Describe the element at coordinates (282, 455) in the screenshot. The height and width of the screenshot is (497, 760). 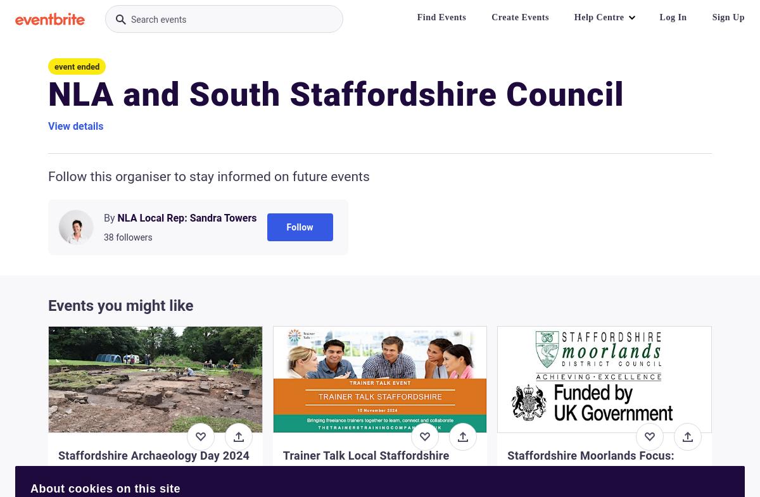
I see `'Trainer Talk Local Staffordshire'` at that location.